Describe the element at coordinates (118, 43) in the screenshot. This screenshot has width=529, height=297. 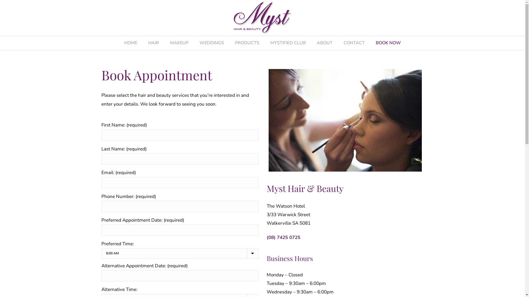
I see `'HOME'` at that location.